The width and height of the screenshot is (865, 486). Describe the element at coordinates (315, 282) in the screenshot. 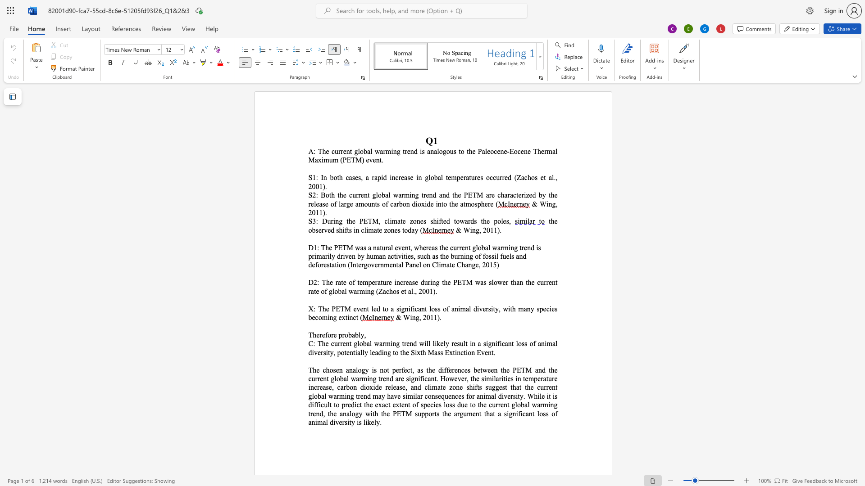

I see `the 1th character "2" in the text` at that location.